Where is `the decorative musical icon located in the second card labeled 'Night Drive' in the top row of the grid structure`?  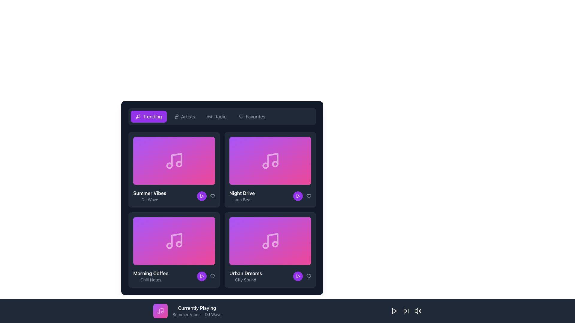
the decorative musical icon located in the second card labeled 'Night Drive' in the top row of the grid structure is located at coordinates (270, 160).